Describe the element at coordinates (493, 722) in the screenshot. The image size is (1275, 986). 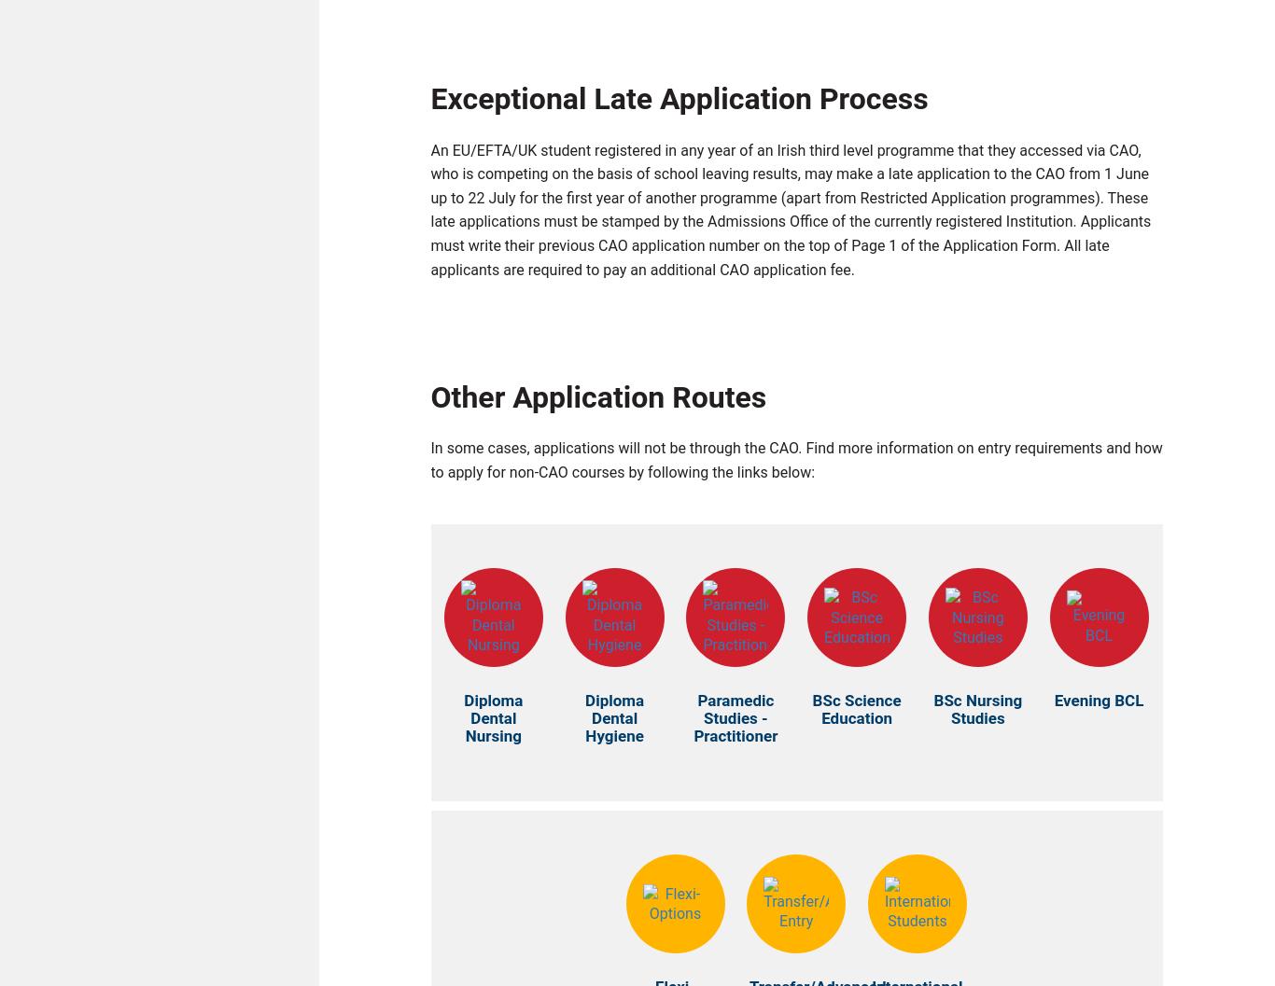
I see `'Diploma Dental Nursing'` at that location.